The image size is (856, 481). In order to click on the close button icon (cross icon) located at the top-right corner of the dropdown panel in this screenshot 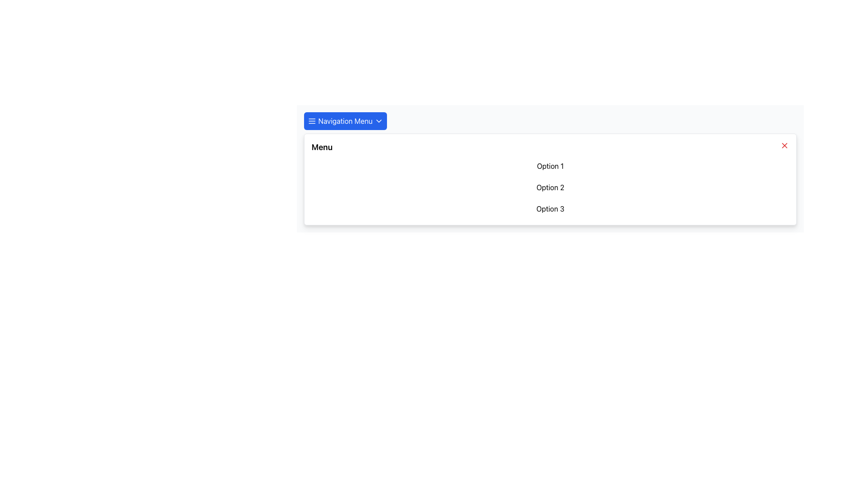, I will do `click(785, 145)`.